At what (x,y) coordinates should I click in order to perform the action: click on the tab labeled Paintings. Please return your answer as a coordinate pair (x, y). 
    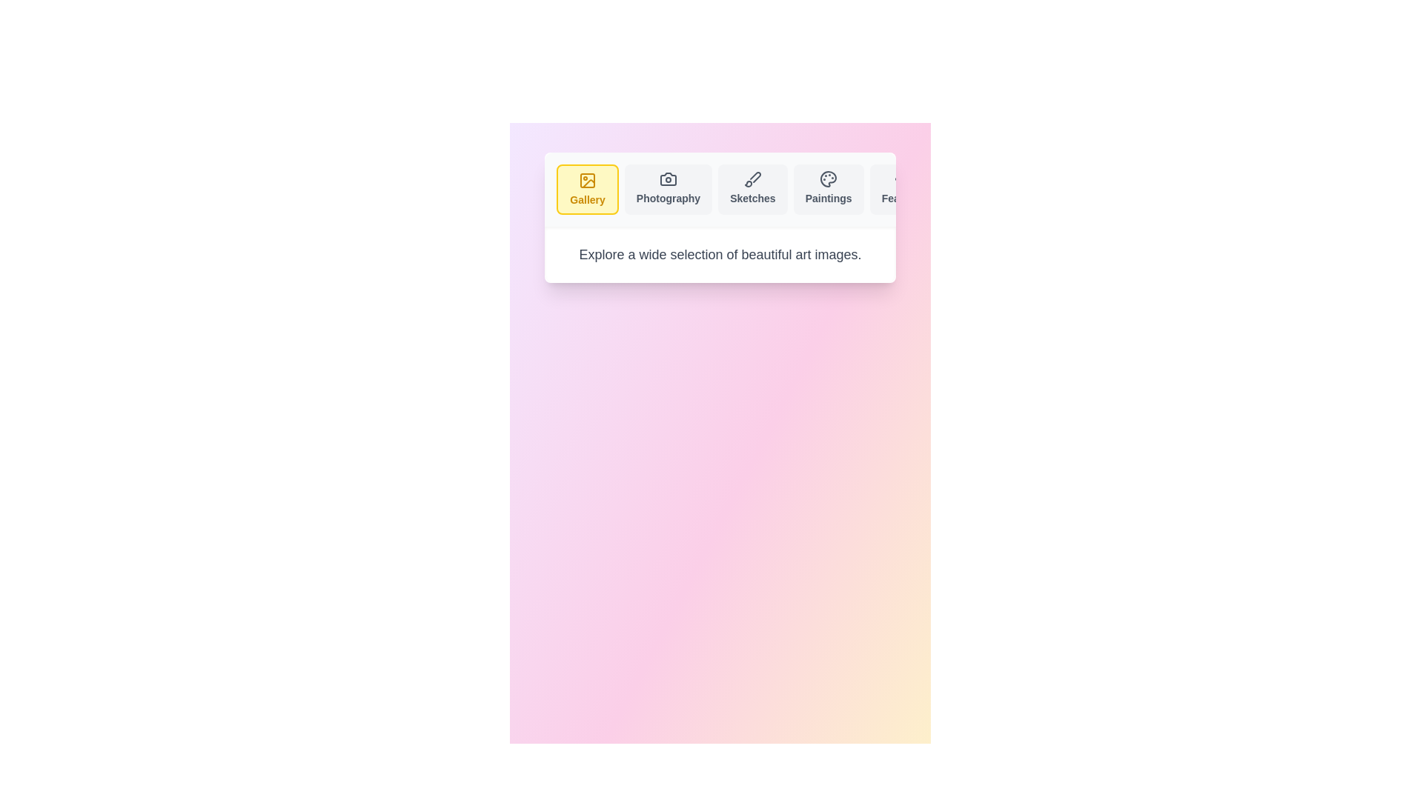
    Looking at the image, I should click on (828, 188).